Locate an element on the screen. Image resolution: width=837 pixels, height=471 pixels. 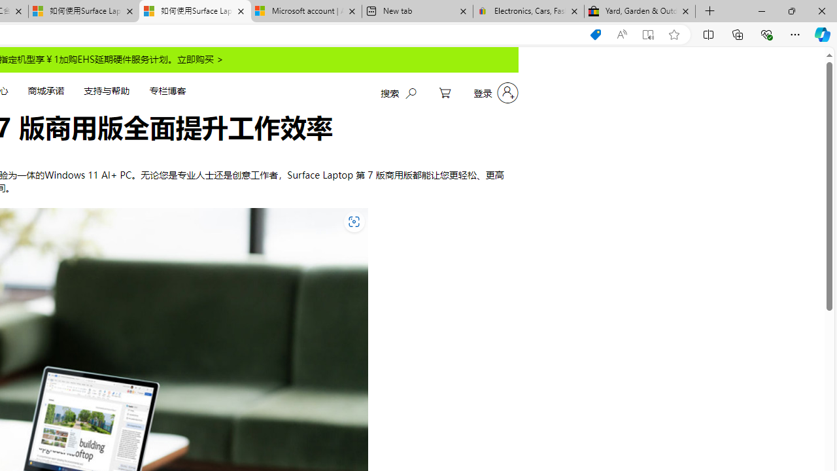
'Microsoft account | Account Checkup' is located at coordinates (305, 11).